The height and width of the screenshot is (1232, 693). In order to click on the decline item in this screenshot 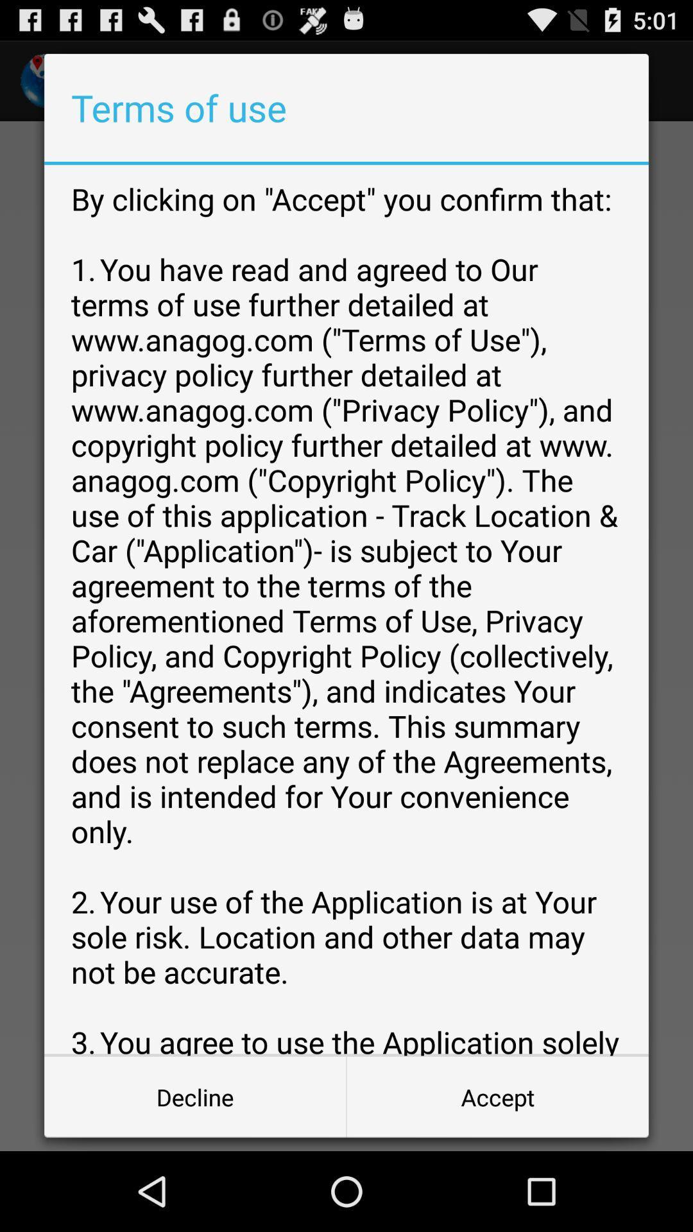, I will do `click(195, 1096)`.